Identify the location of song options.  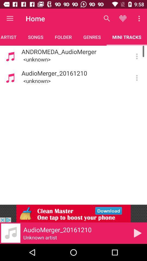
(136, 77).